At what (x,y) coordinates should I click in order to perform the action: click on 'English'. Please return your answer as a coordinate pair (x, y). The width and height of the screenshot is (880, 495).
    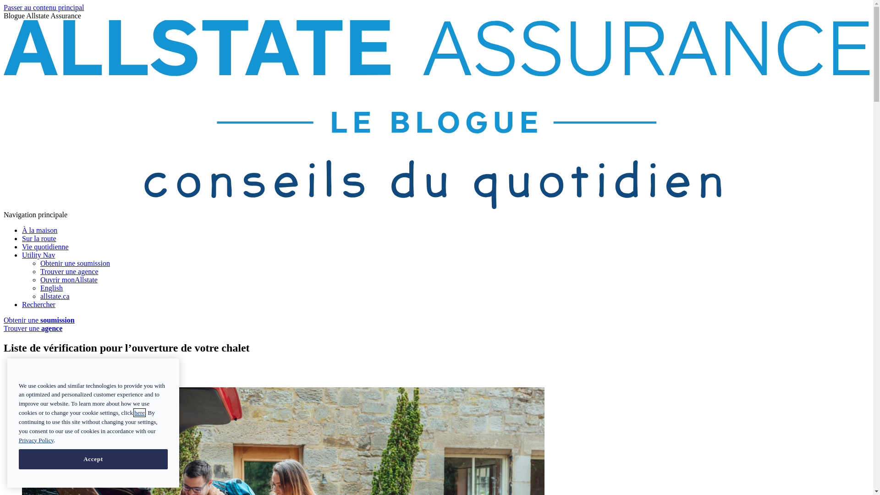
    Looking at the image, I should click on (39, 287).